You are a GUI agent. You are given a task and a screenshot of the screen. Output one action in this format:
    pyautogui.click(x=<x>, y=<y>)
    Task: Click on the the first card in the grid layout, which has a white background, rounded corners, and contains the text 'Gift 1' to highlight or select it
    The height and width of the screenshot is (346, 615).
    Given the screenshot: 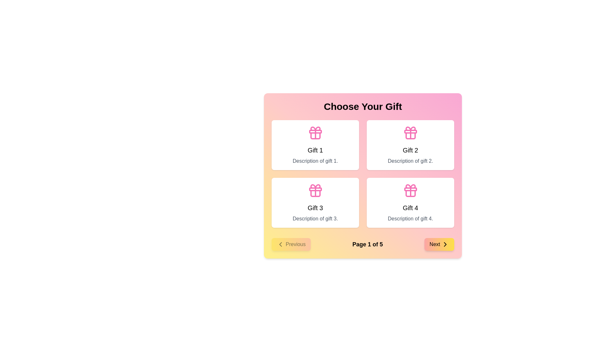 What is the action you would take?
    pyautogui.click(x=315, y=145)
    